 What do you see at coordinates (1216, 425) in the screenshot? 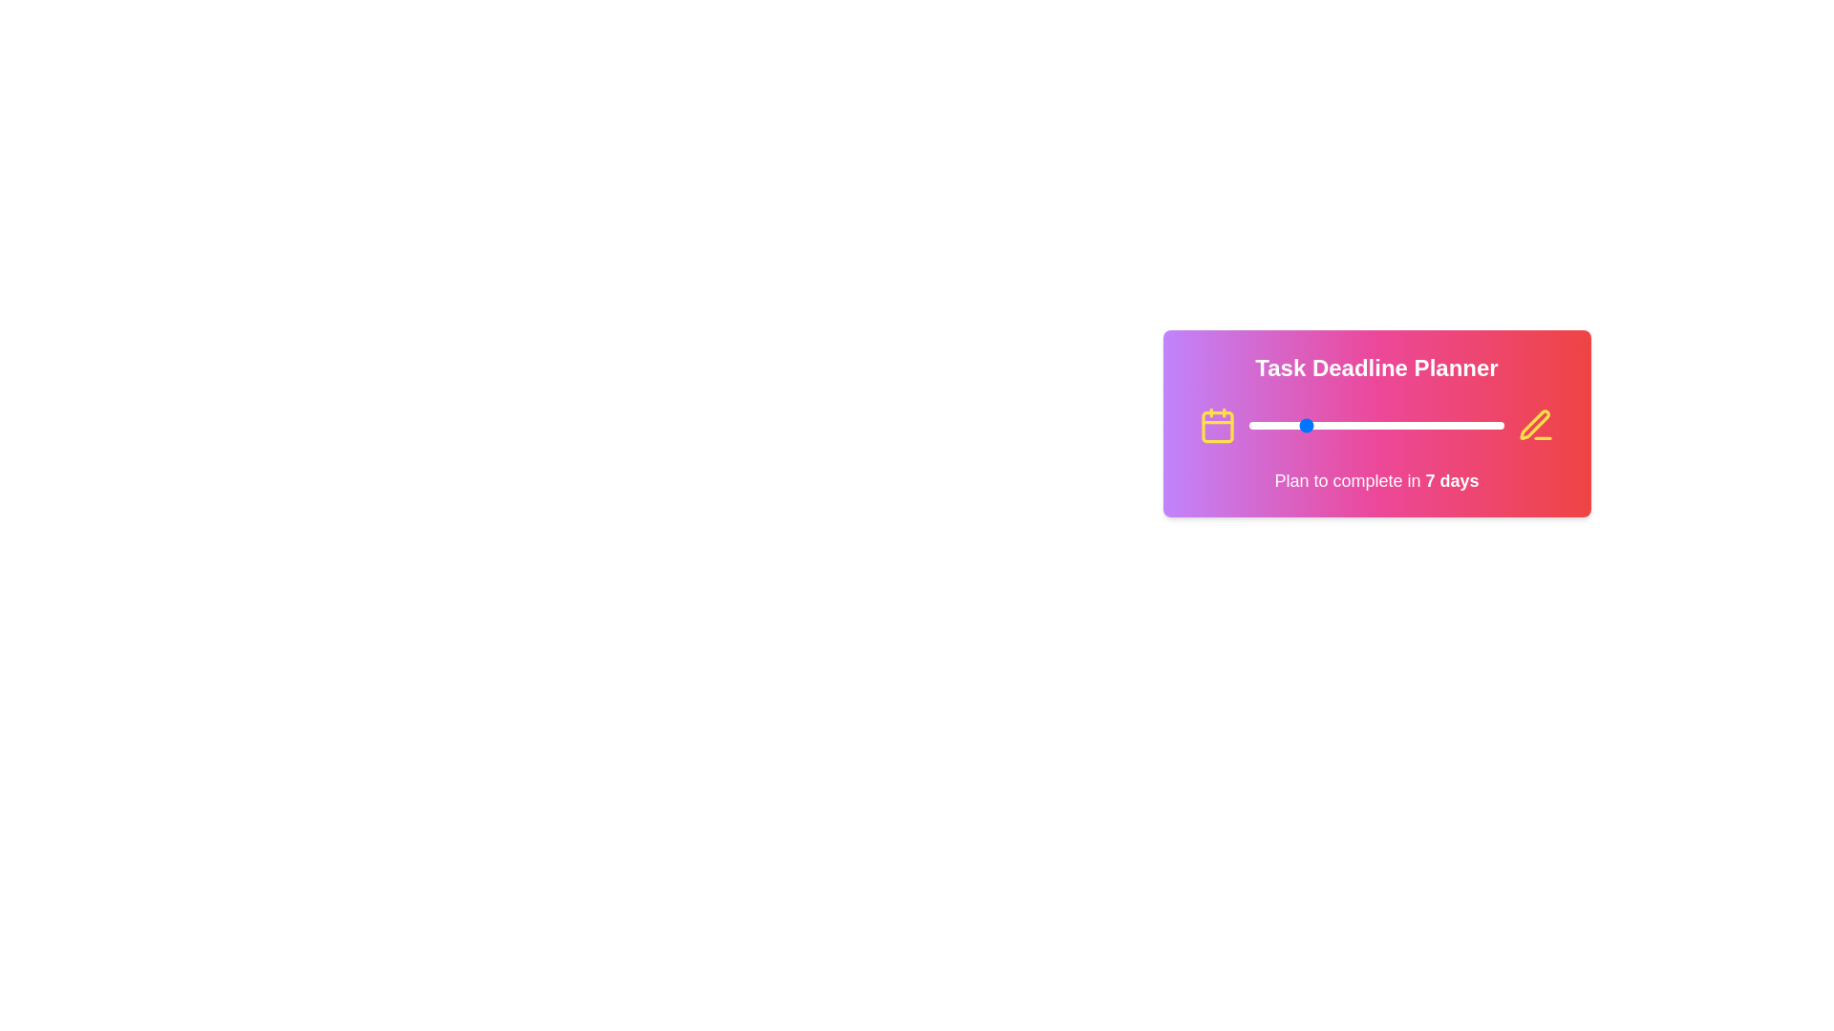
I see `the calendar icon in the TaskDeadlineSelector component` at bounding box center [1216, 425].